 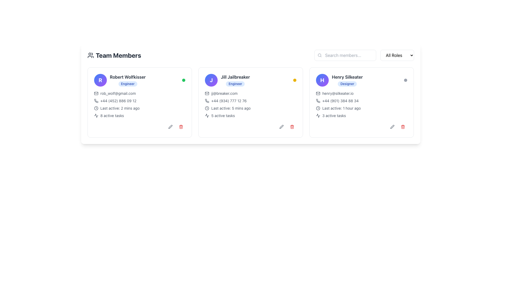 I want to click on the email icon located to the left of the email address 'jj@breaker.com' in Jill Jailbreaker's profile card, which is the second card from the left, so click(x=207, y=93).